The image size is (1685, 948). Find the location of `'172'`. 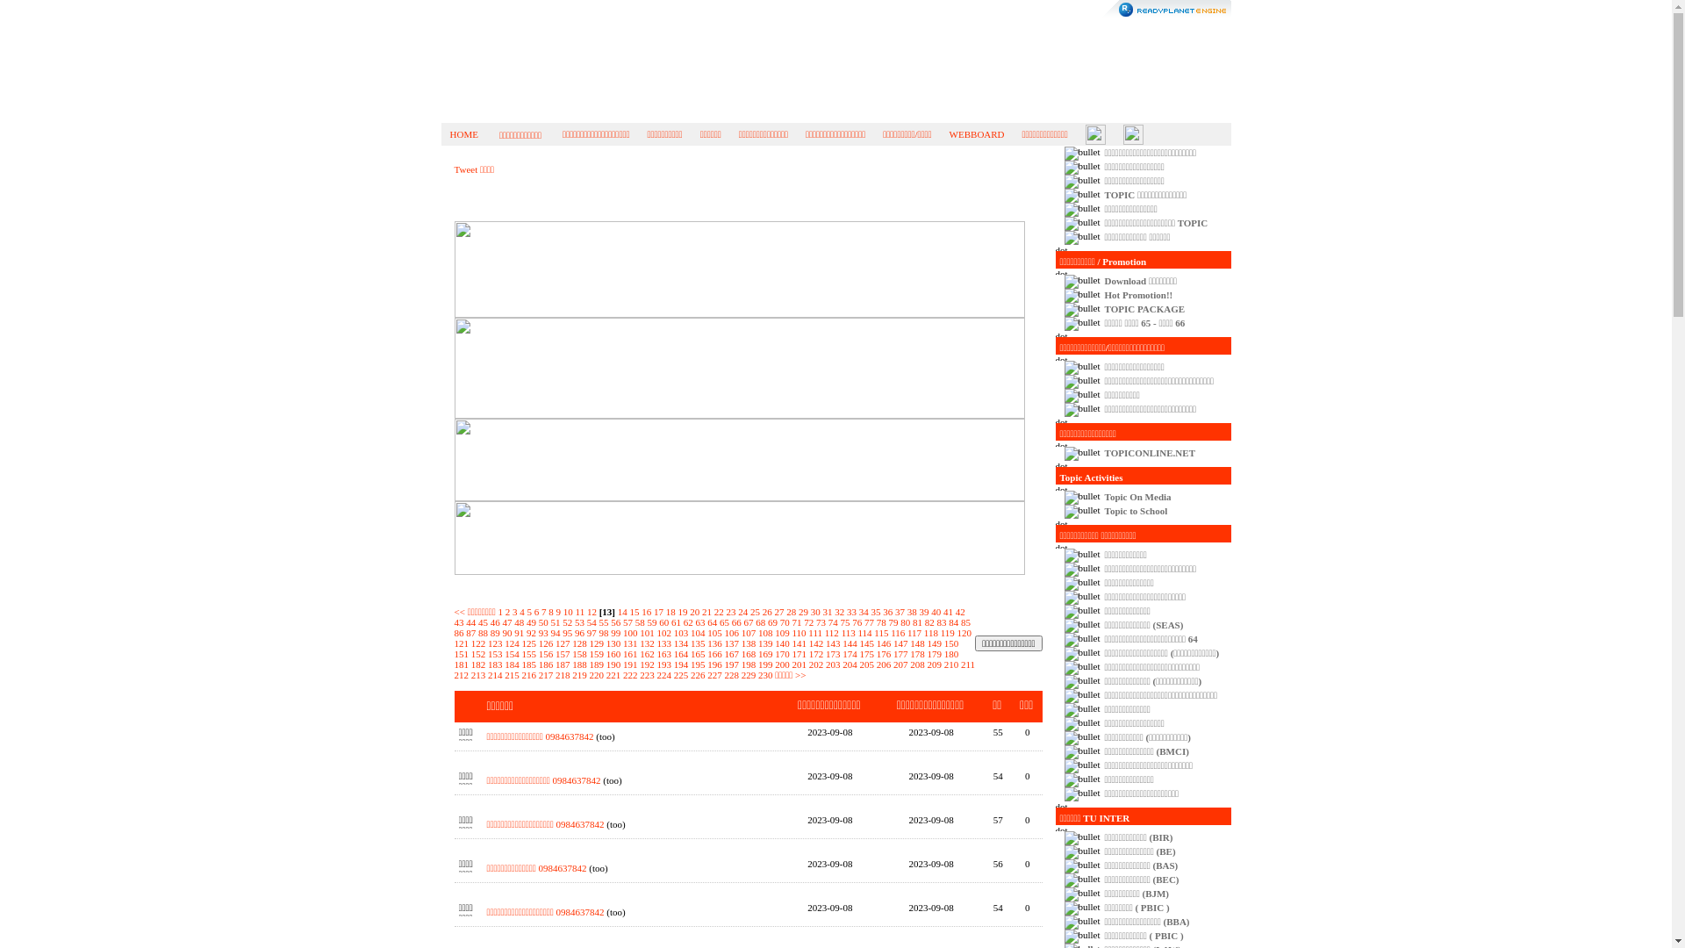

'172' is located at coordinates (815, 653).